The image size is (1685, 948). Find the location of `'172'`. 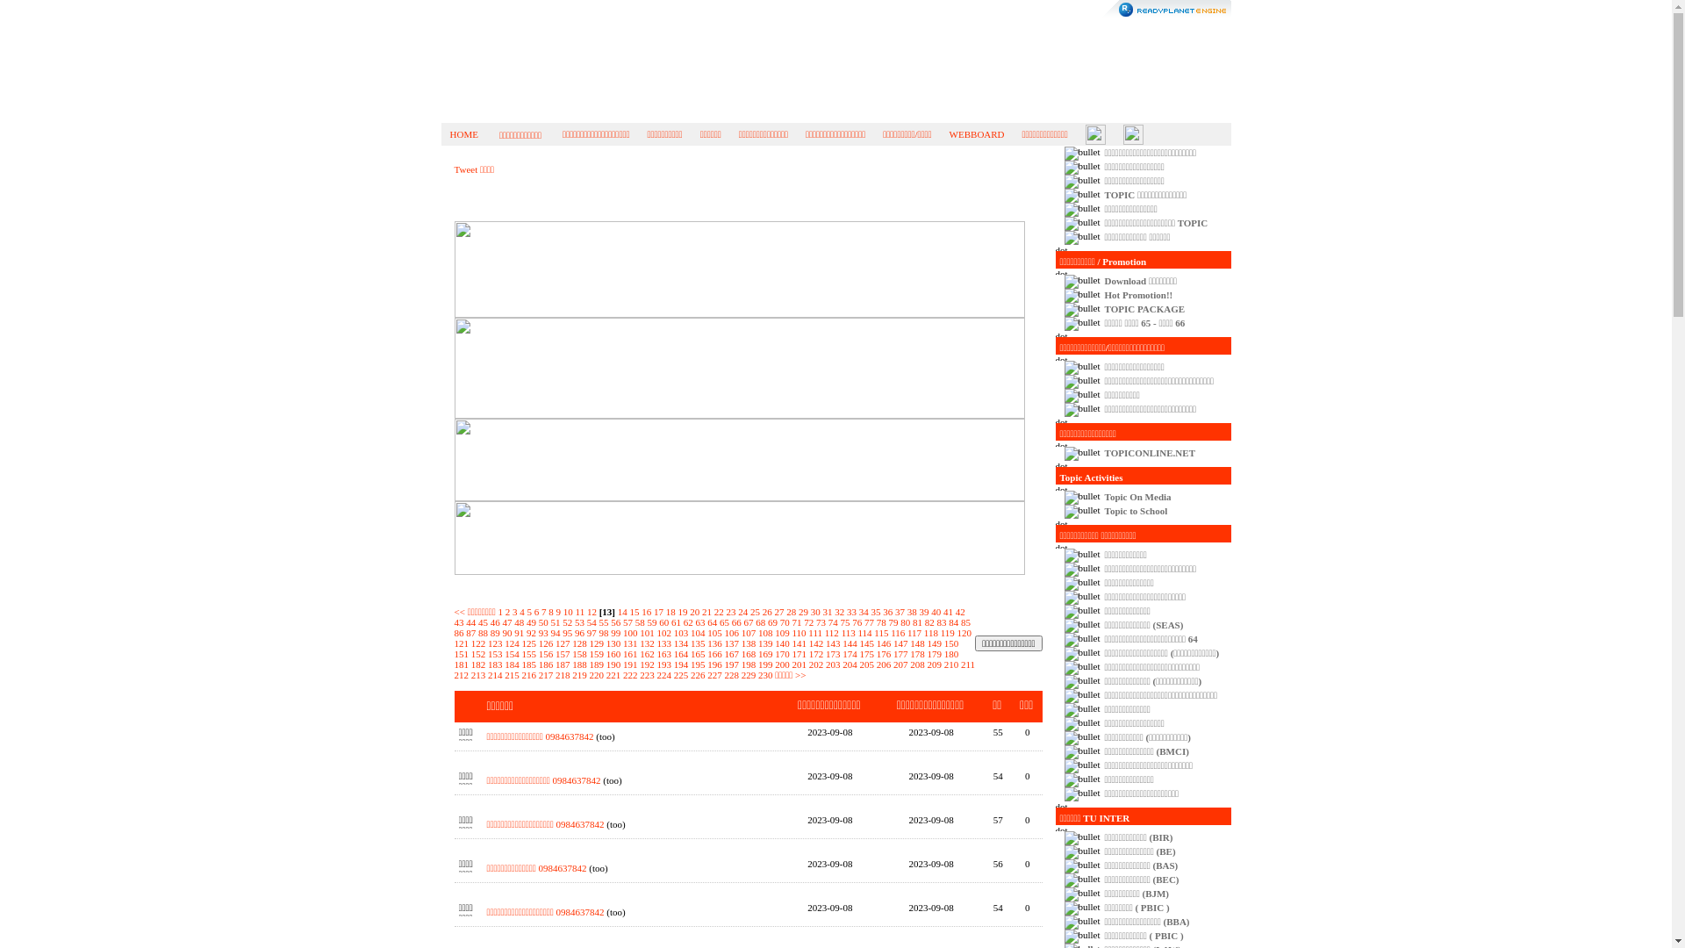

'172' is located at coordinates (815, 653).